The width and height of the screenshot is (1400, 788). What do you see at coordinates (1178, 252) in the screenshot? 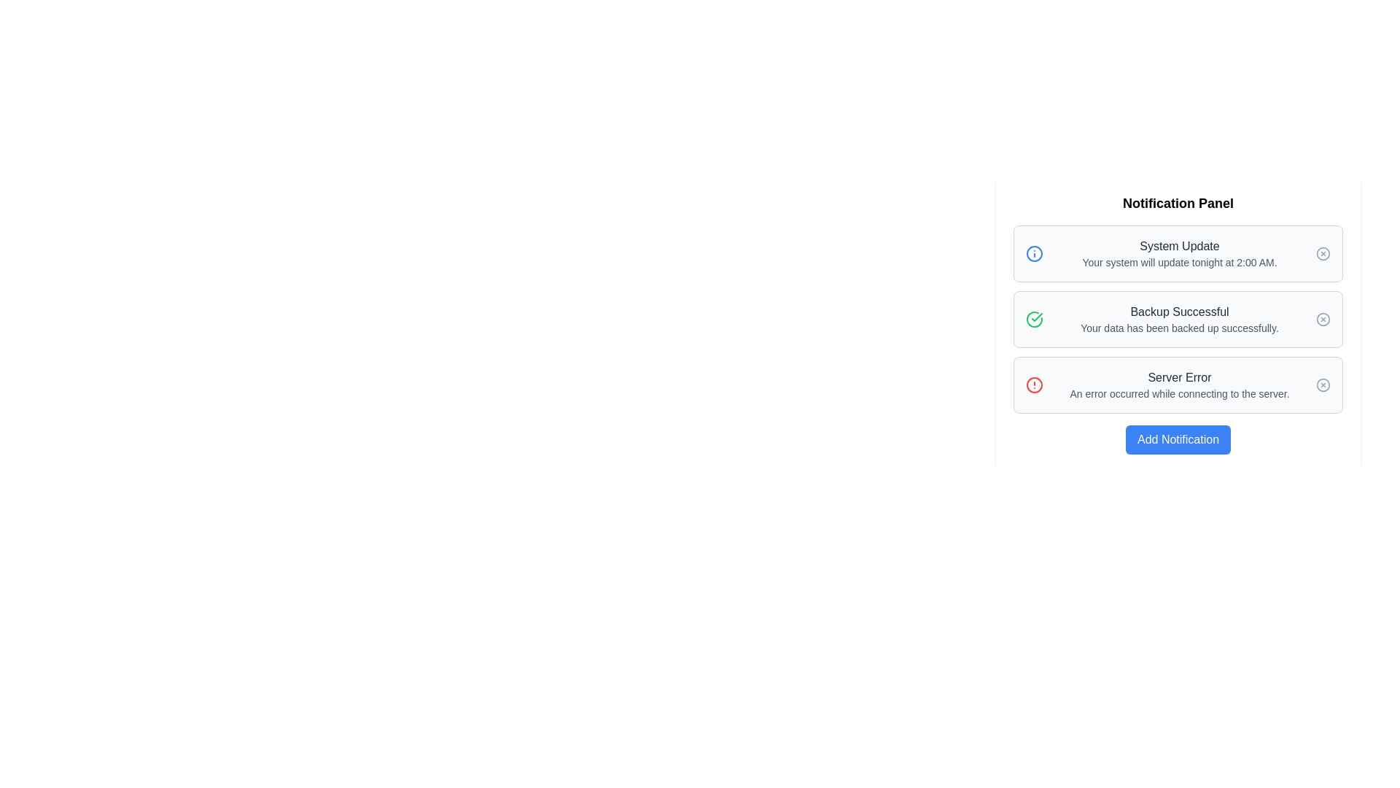
I see `information displayed in the first notification card about the upcoming system update, located in the Notification Panel` at bounding box center [1178, 252].